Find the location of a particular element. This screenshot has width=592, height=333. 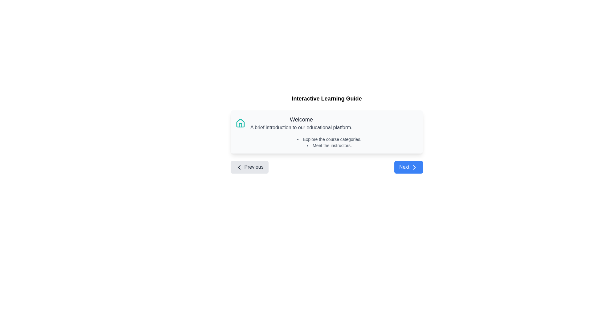

the static text element styled as a list item that serves as a point of information or navigation prompt, located in the second position of a bulleted list within a central panel is located at coordinates (329, 145).